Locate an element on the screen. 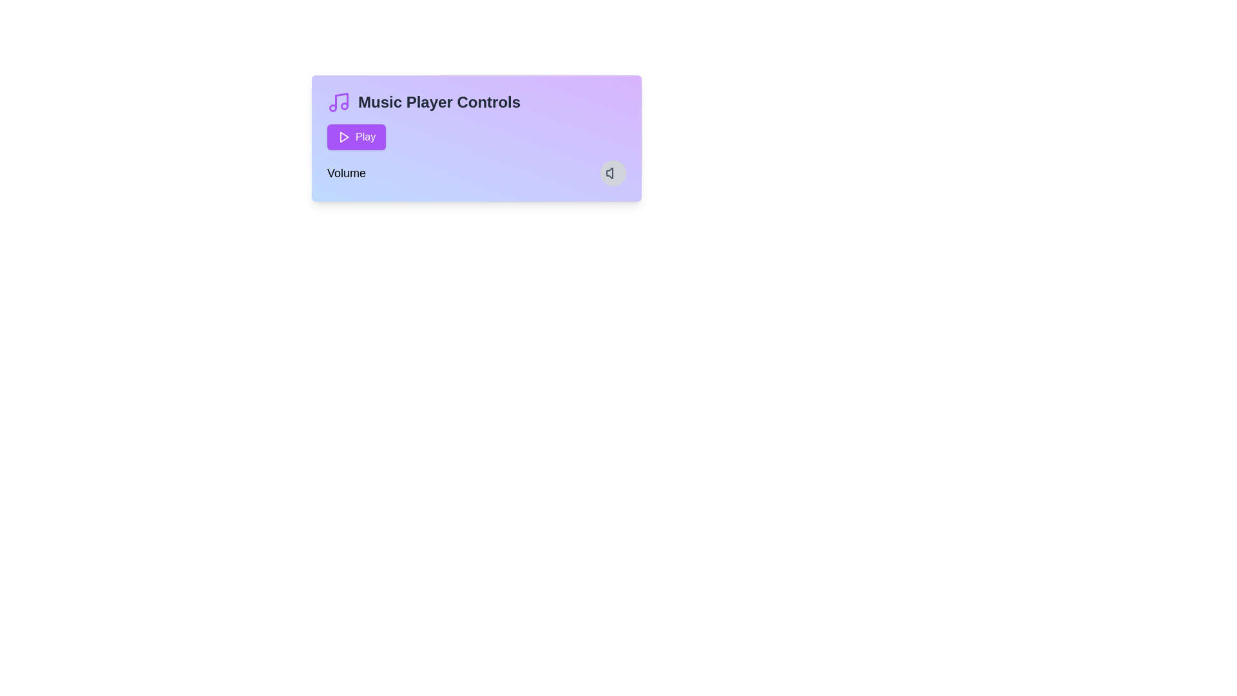 The width and height of the screenshot is (1237, 696). the purple musical note icon, which is a vertical line with a slight curve at the base, located near the top-left corner of the interface, to the left of the 'Music Player Controls' text is located at coordinates (341, 100).